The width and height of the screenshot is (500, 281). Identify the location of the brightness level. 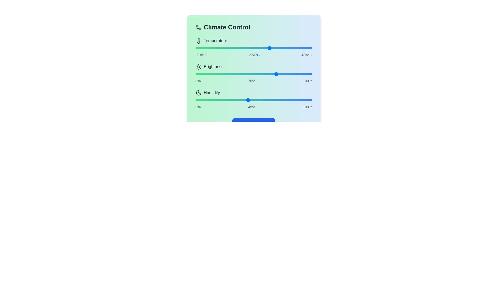
(250, 74).